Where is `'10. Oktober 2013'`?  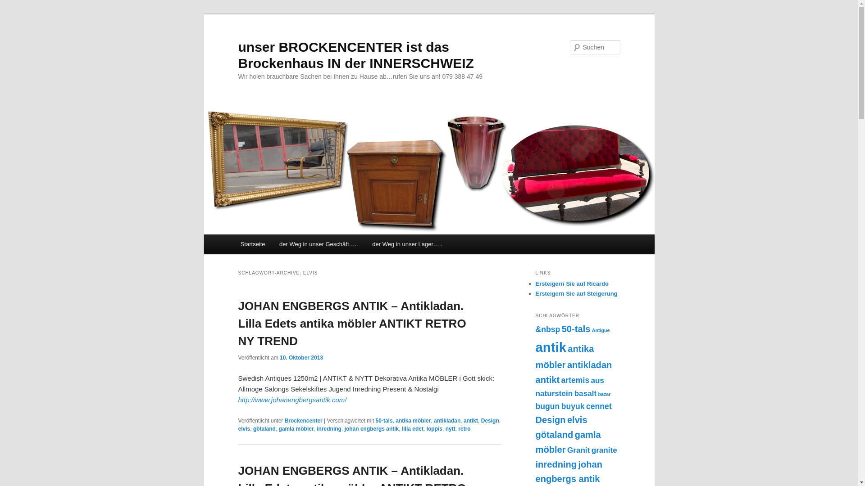
'10. Oktober 2013' is located at coordinates (301, 357).